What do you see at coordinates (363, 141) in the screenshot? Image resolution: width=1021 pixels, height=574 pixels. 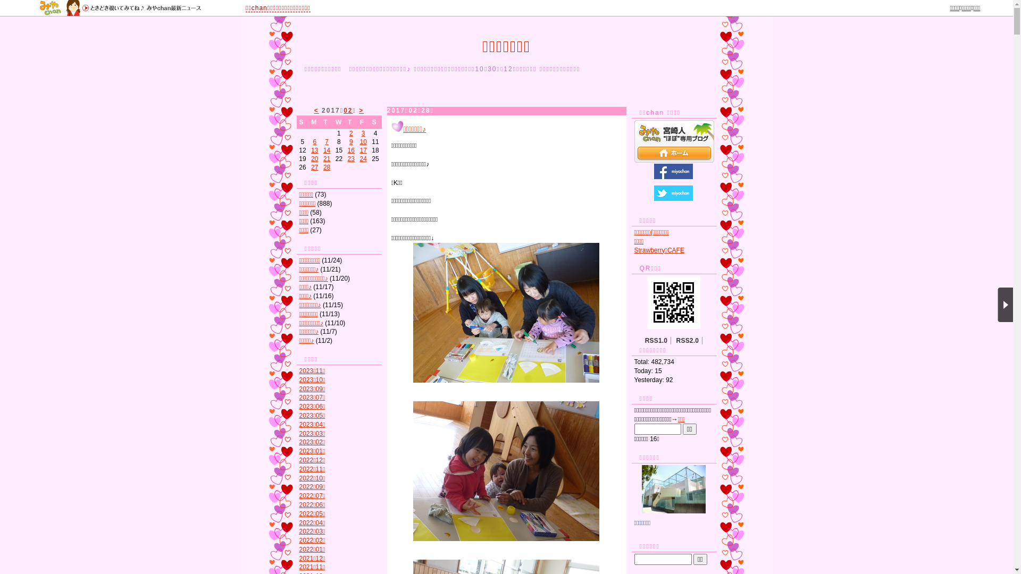 I see `'10'` at bounding box center [363, 141].